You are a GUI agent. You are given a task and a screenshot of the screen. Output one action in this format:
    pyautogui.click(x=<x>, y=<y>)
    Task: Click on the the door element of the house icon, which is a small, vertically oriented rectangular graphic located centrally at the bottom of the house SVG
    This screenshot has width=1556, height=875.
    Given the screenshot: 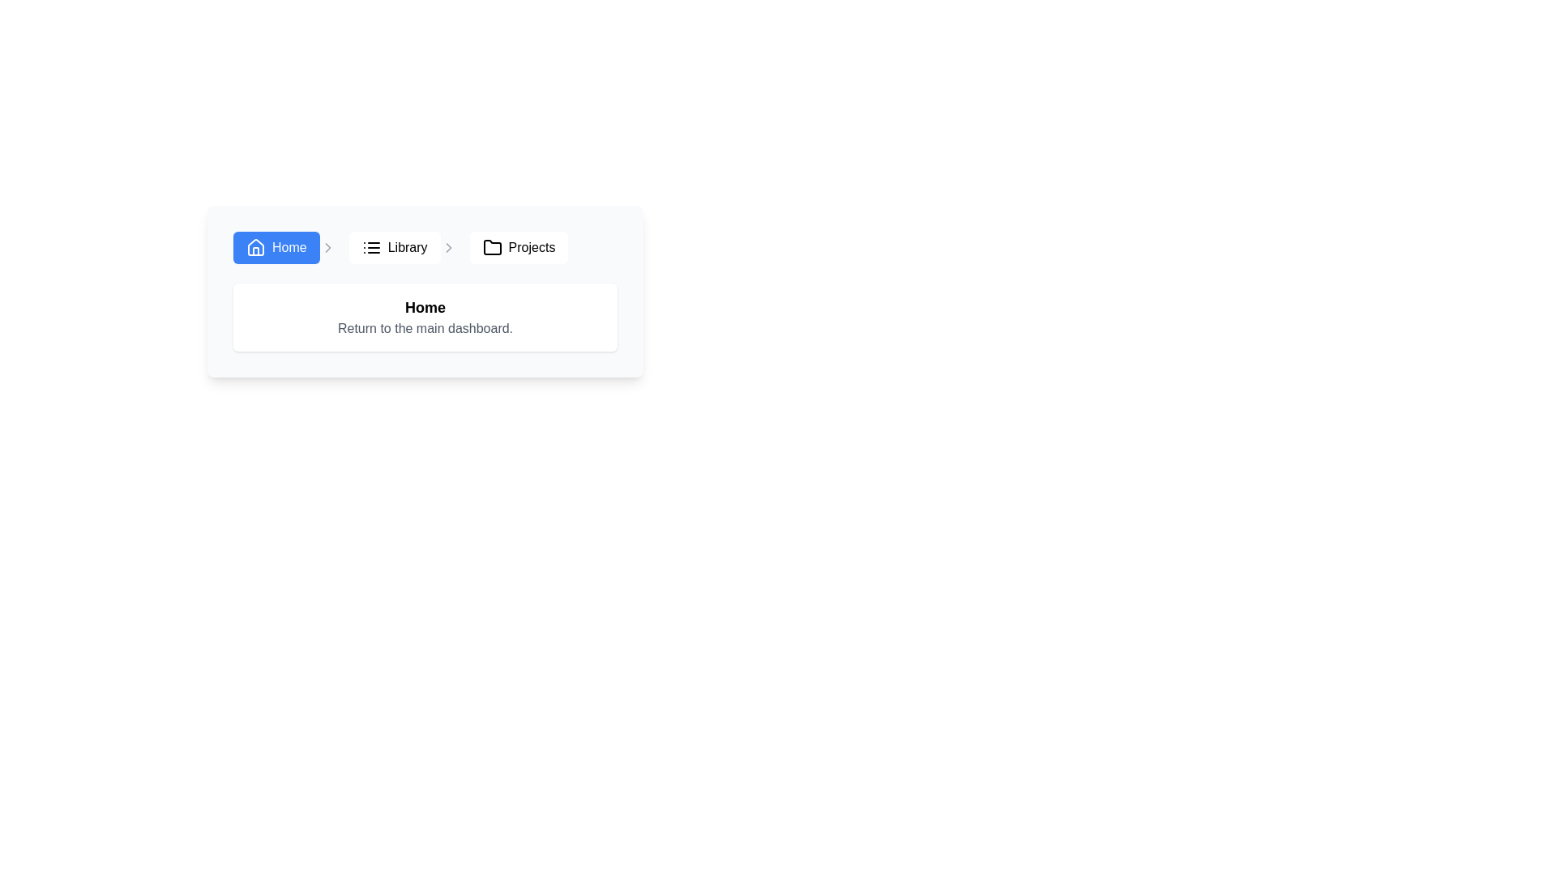 What is the action you would take?
    pyautogui.click(x=255, y=251)
    